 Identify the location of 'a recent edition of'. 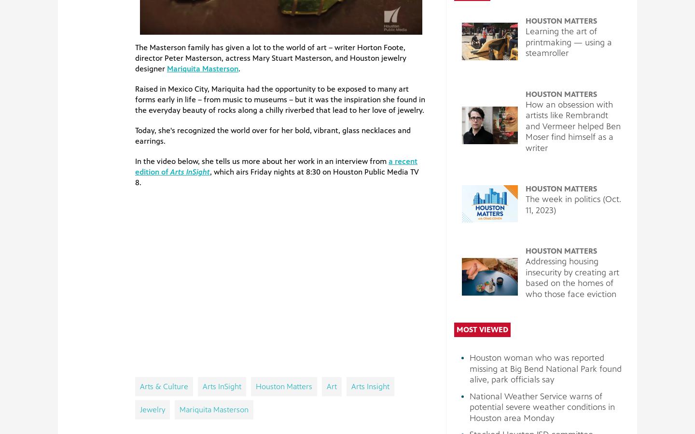
(276, 166).